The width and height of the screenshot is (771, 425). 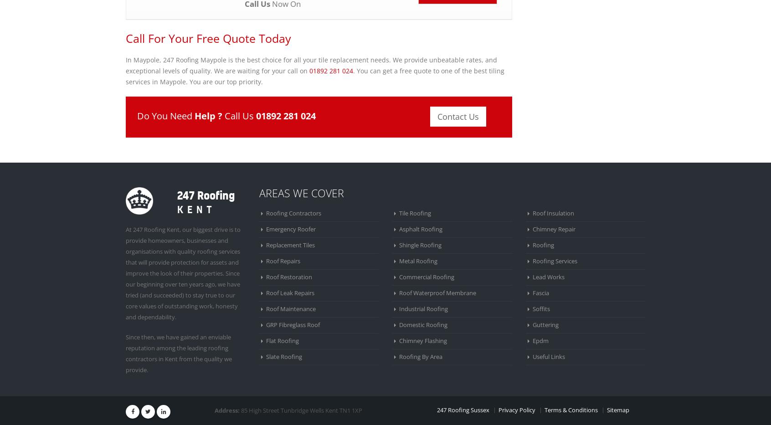 What do you see at coordinates (617, 410) in the screenshot?
I see `'Sitemap'` at bounding box center [617, 410].